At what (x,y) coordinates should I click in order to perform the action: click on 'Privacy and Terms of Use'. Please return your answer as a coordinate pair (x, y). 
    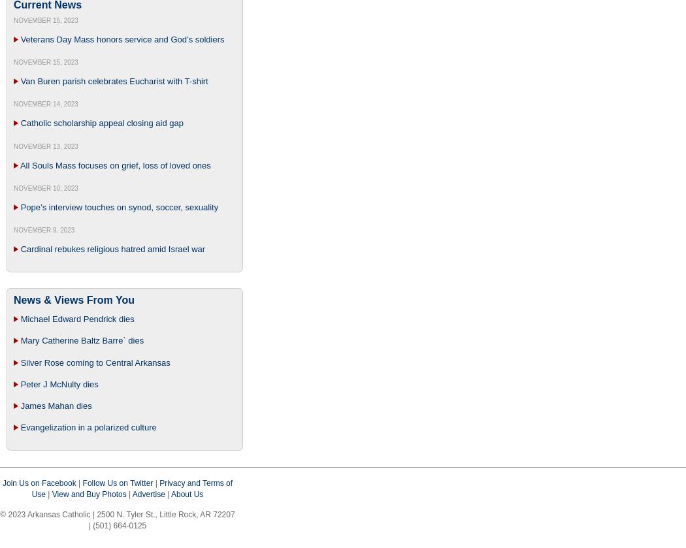
    Looking at the image, I should click on (131, 488).